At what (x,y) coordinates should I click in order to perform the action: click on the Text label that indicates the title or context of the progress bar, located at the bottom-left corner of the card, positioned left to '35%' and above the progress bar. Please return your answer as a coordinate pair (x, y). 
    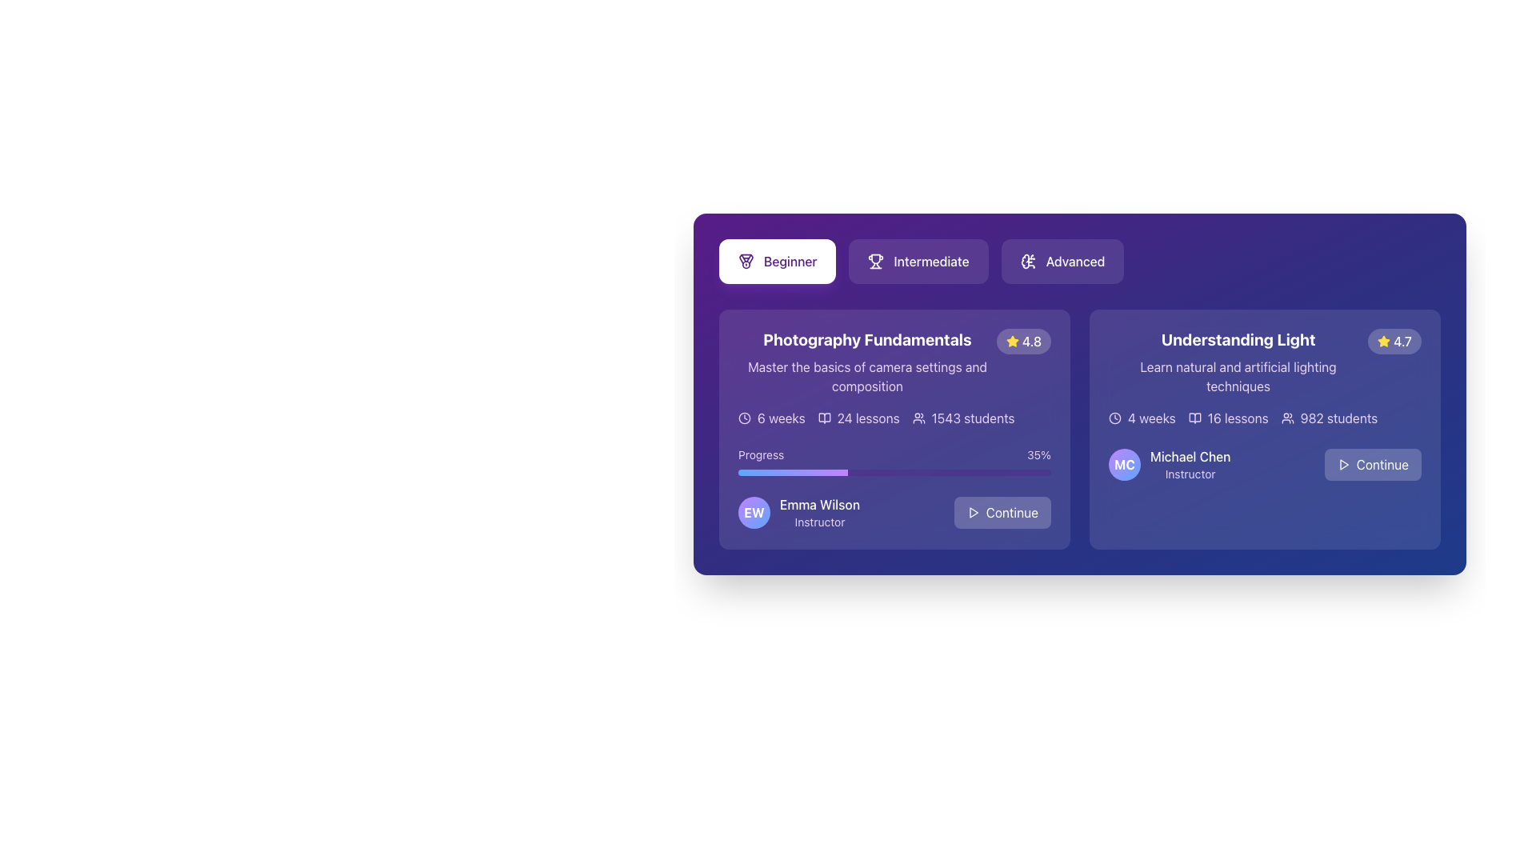
    Looking at the image, I should click on (760, 455).